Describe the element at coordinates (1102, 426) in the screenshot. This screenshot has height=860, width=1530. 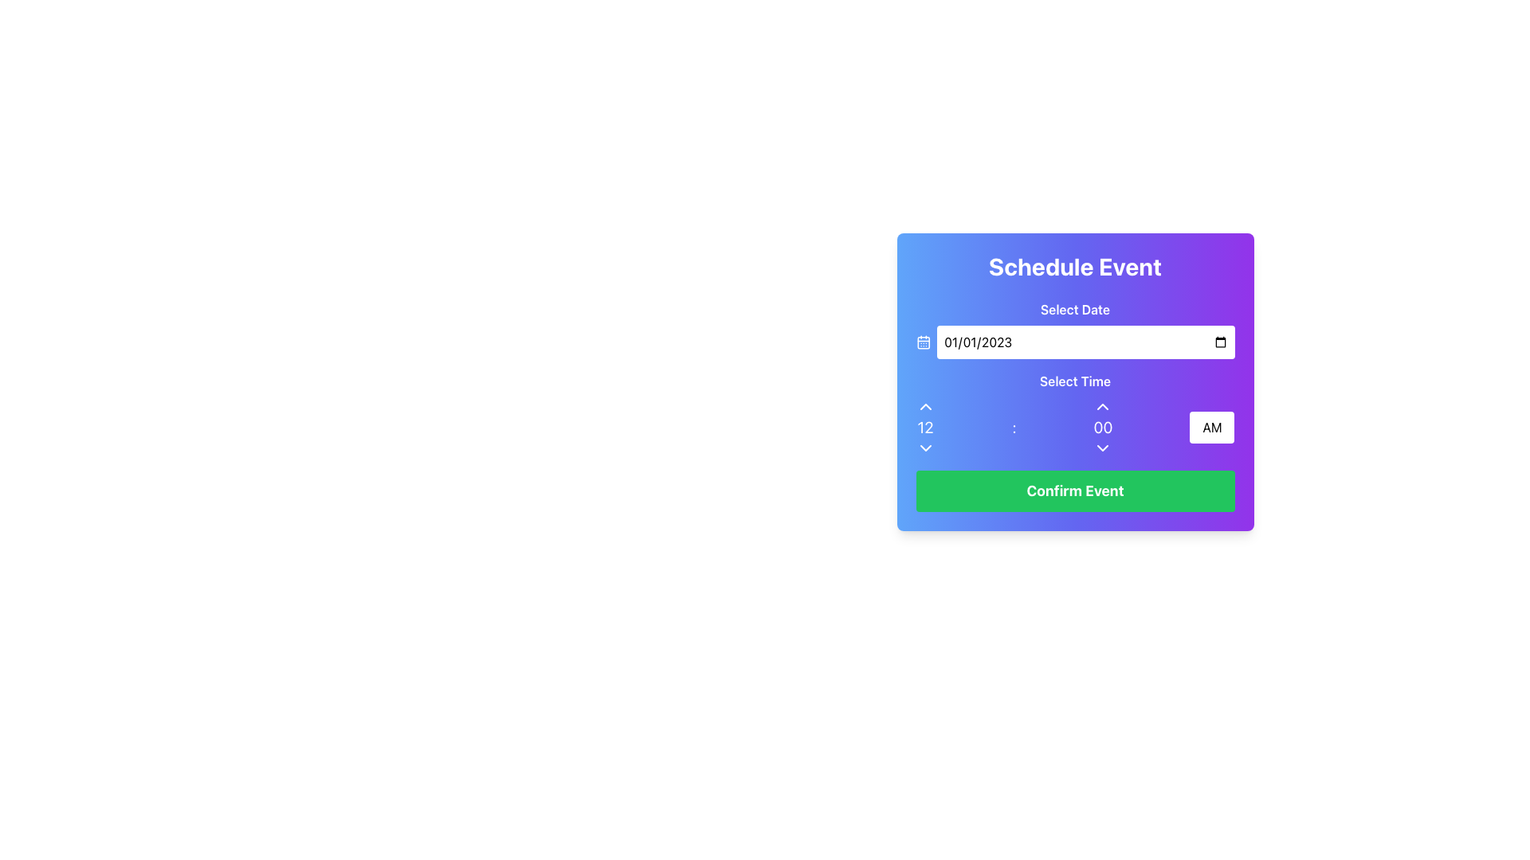
I see `the Text Display showing the bold number '00' in white color against a purple background, located below the colon ':' in the 'Select Time' section` at that location.